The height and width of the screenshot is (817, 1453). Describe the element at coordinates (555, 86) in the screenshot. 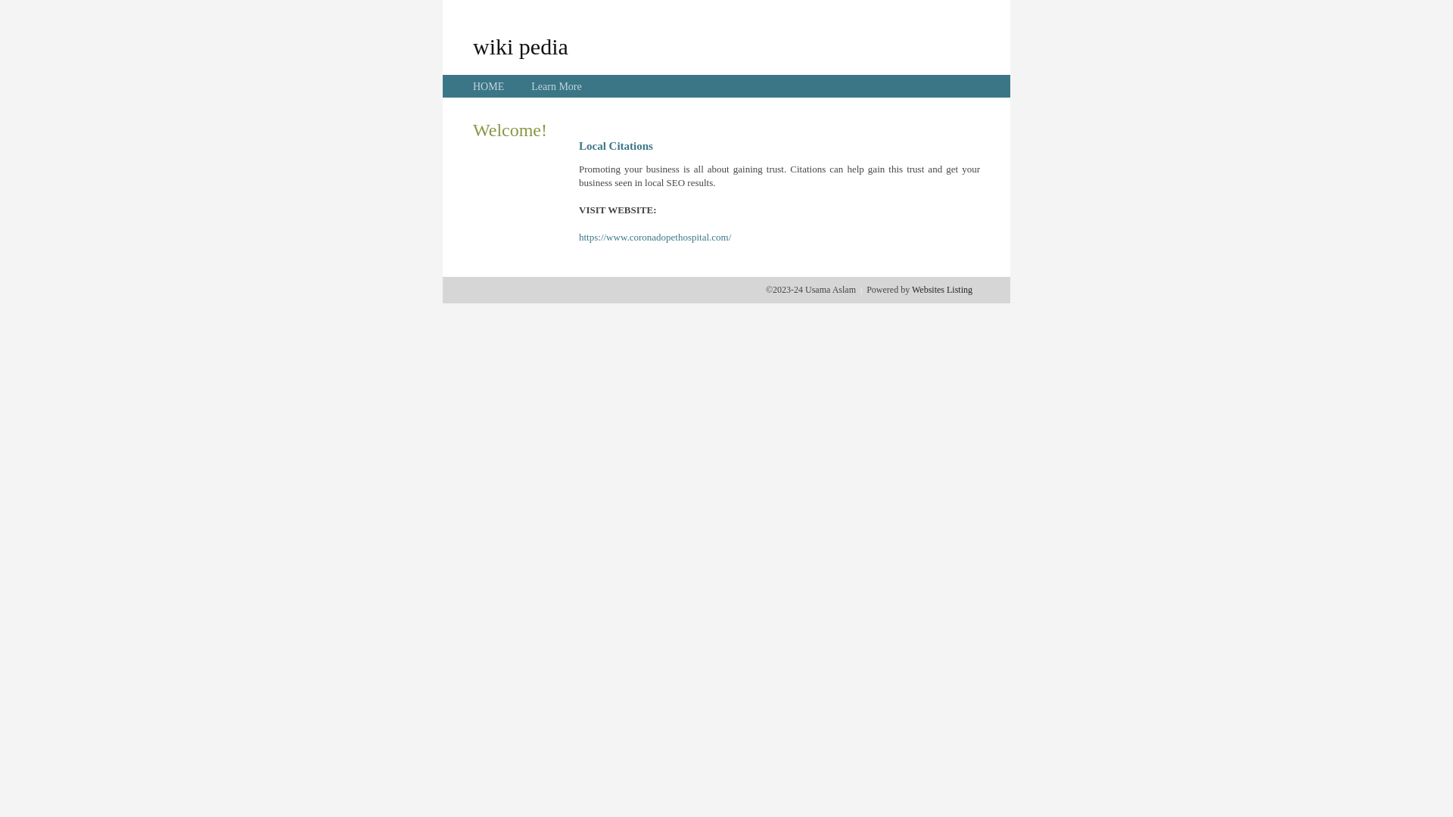

I see `'Learn More'` at that location.